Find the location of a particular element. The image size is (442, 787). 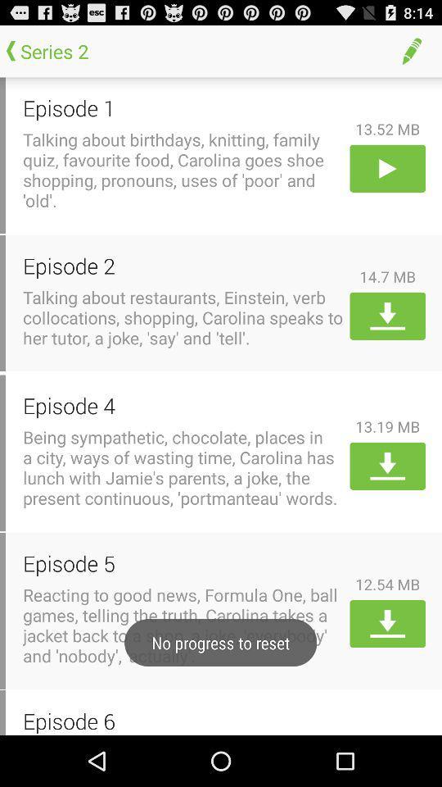

episode 2 is located at coordinates (183, 266).